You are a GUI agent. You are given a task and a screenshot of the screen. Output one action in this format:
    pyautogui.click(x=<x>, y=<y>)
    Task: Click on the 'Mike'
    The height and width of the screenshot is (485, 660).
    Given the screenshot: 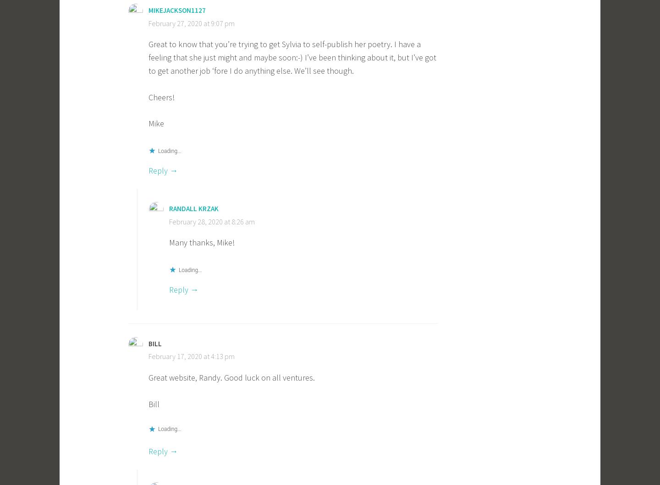 What is the action you would take?
    pyautogui.click(x=156, y=123)
    